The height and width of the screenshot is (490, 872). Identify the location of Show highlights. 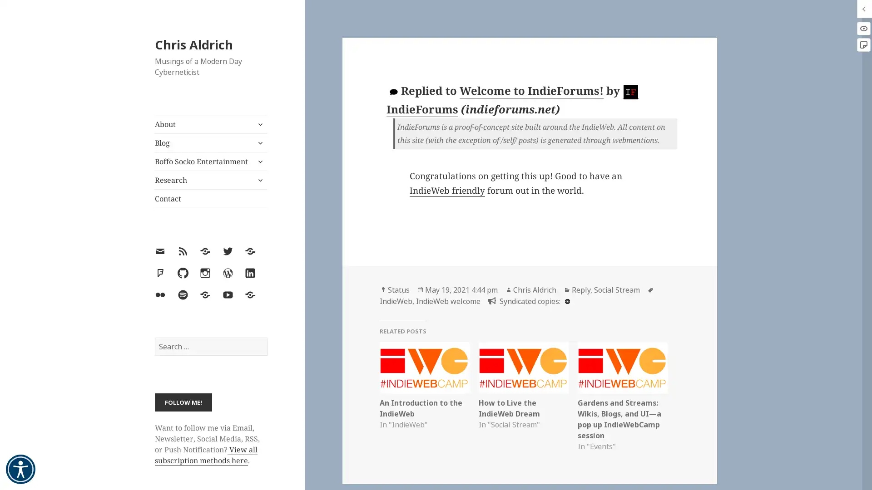
(863, 28).